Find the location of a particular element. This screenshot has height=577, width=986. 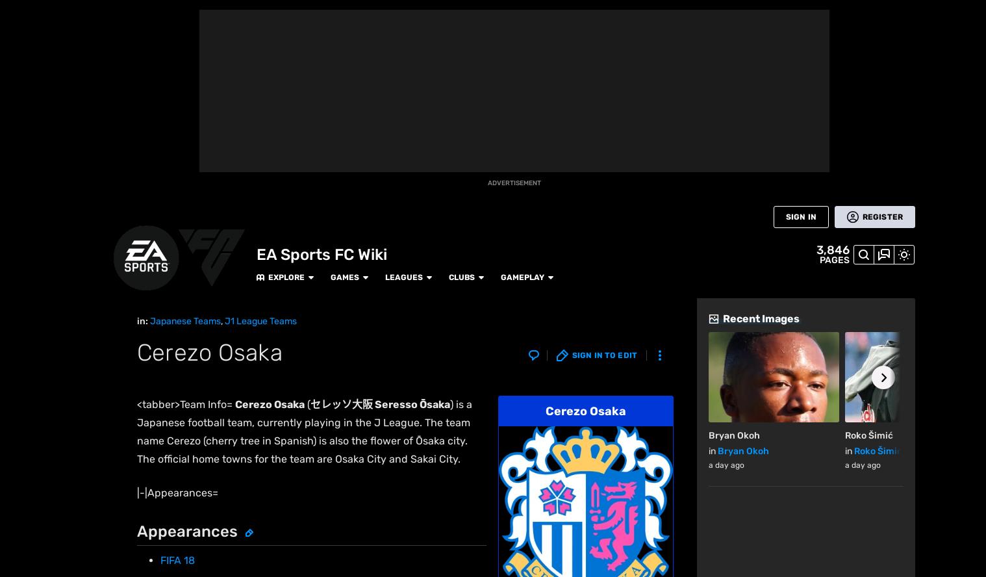

'Sanderson Park' is located at coordinates (214, 413).